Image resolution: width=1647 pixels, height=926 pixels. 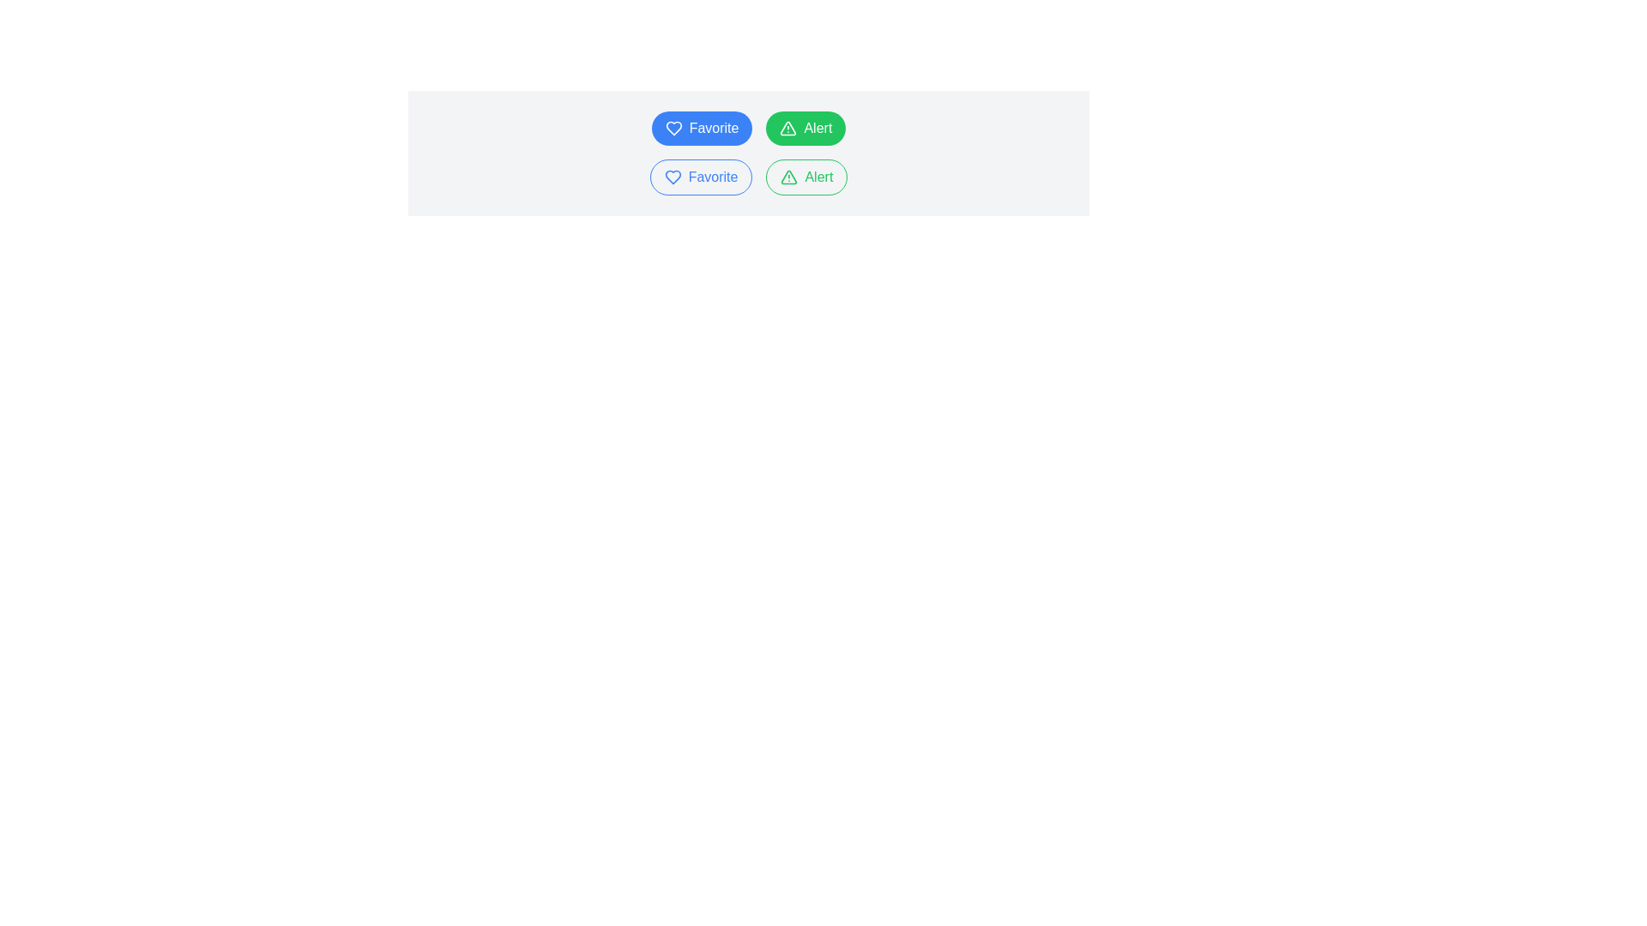 What do you see at coordinates (673, 128) in the screenshot?
I see `the 'Favorite' icon located on the top row within the blue button labeled 'Favorite', positioned at the left side of the button group in the top center of the interface` at bounding box center [673, 128].